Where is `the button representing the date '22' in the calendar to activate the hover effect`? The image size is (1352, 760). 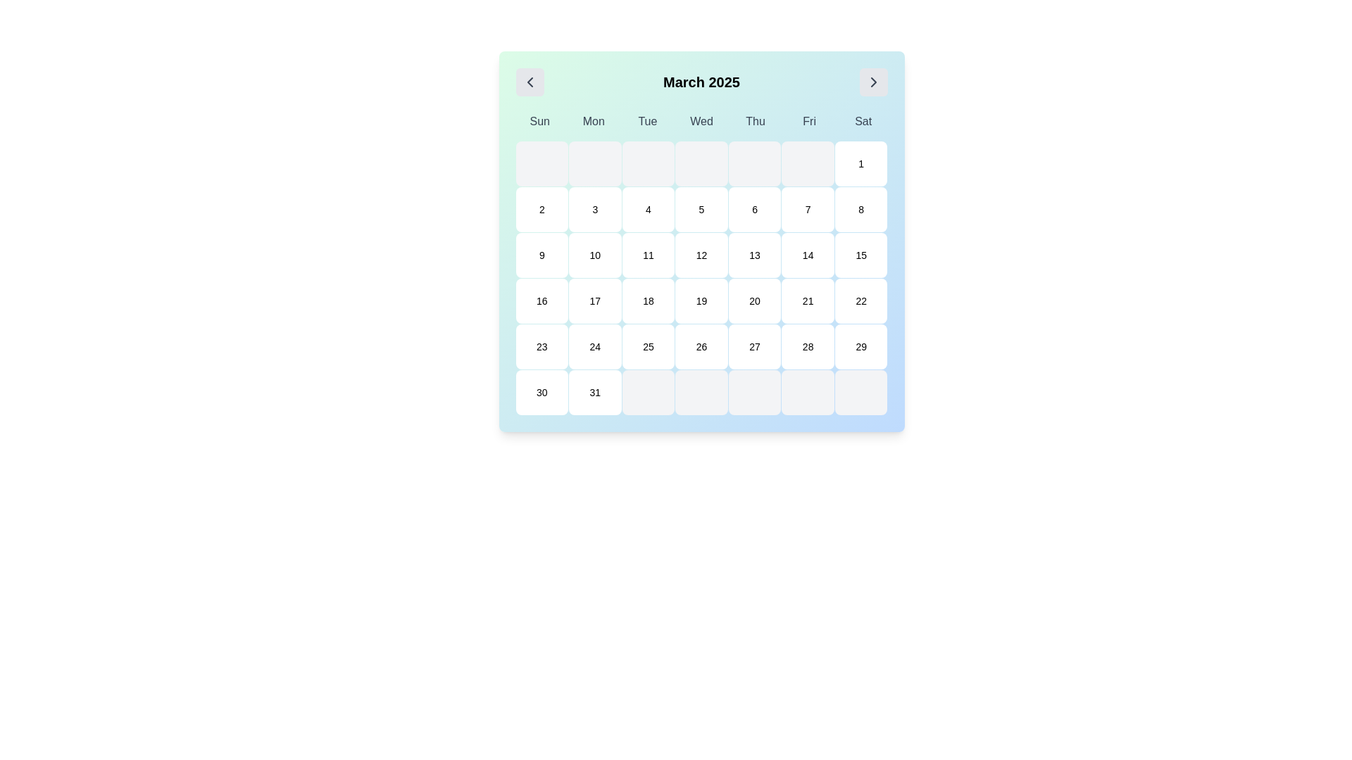
the button representing the date '22' in the calendar to activate the hover effect is located at coordinates (860, 300).